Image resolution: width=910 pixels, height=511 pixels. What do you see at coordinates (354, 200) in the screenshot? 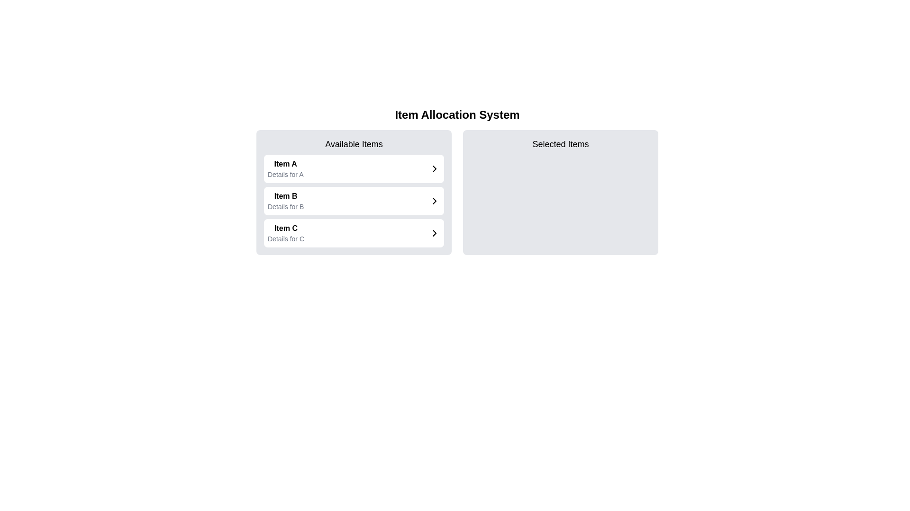
I see `the second card entry titled 'Item B' in the 'Available Items' list` at bounding box center [354, 200].